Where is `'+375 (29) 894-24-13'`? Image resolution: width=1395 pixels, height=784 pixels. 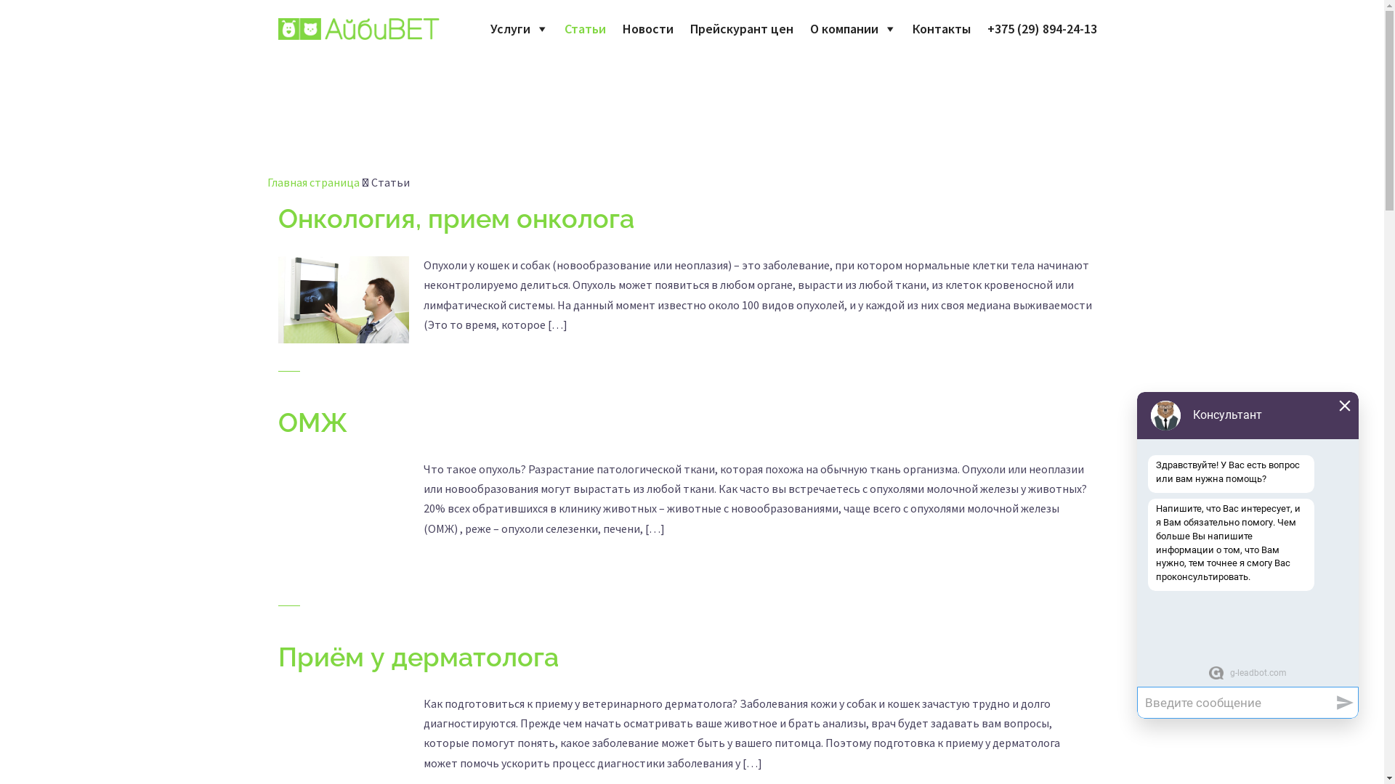
'+375 (29) 894-24-13' is located at coordinates (1040, 28).